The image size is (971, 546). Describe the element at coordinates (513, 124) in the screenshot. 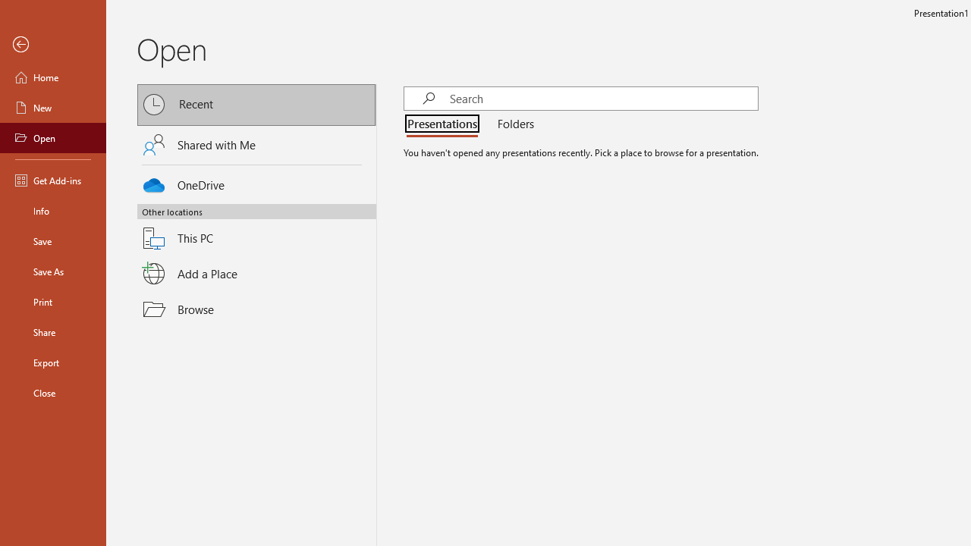

I see `'Folders'` at that location.